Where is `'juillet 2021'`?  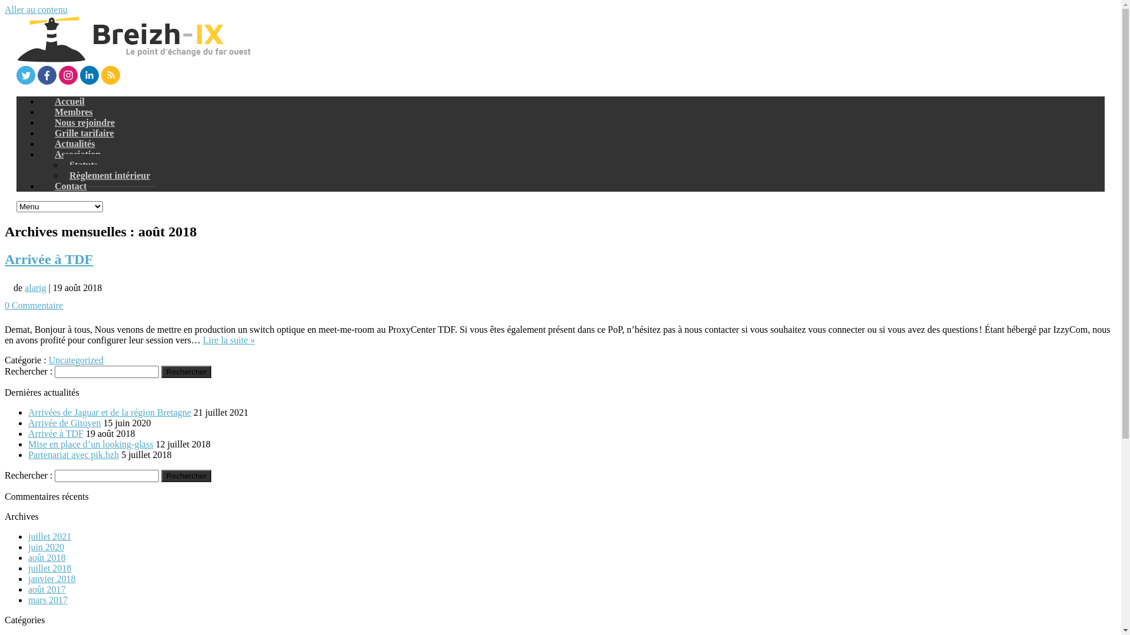
'juillet 2021' is located at coordinates (49, 536).